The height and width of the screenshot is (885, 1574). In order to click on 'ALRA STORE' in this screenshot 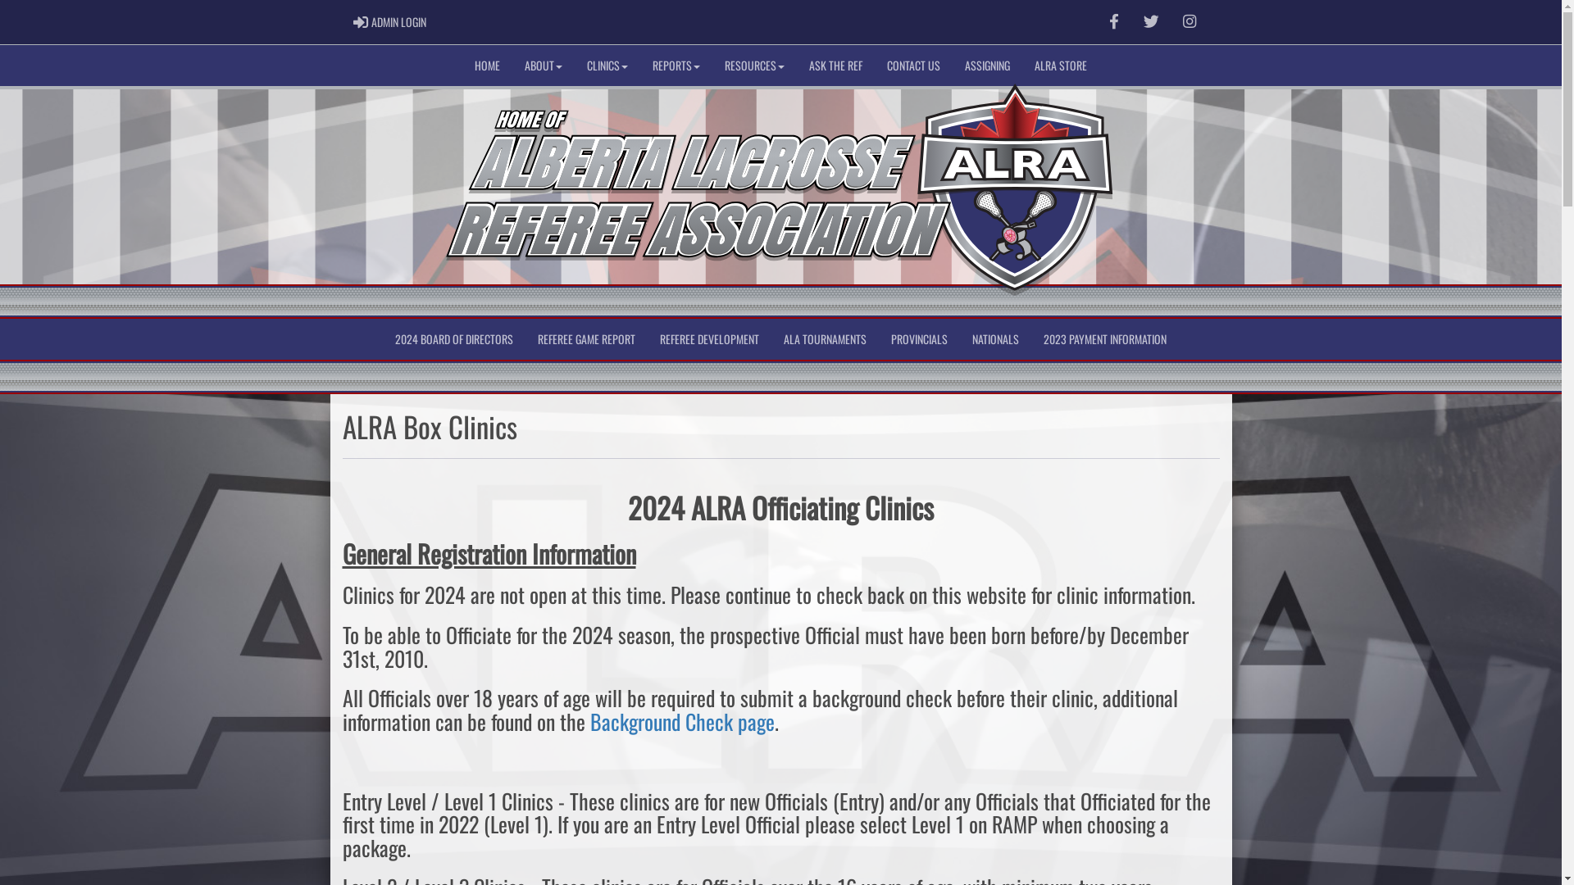, I will do `click(1061, 65)`.